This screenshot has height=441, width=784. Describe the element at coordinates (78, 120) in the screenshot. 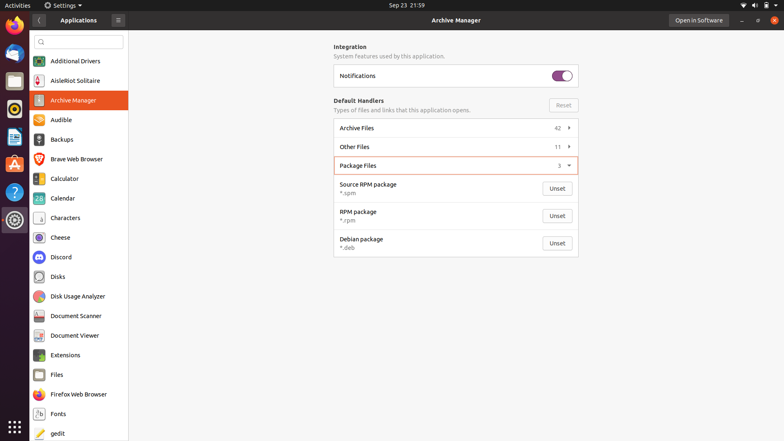

I see `Audible` at that location.